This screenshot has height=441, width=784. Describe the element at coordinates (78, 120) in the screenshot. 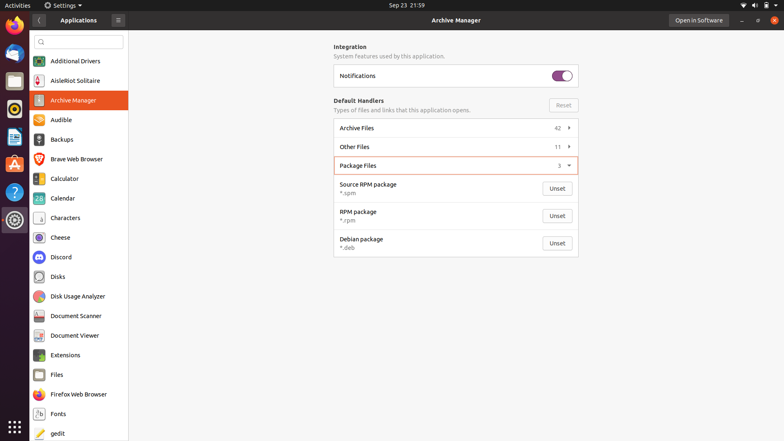

I see `Audible` at that location.